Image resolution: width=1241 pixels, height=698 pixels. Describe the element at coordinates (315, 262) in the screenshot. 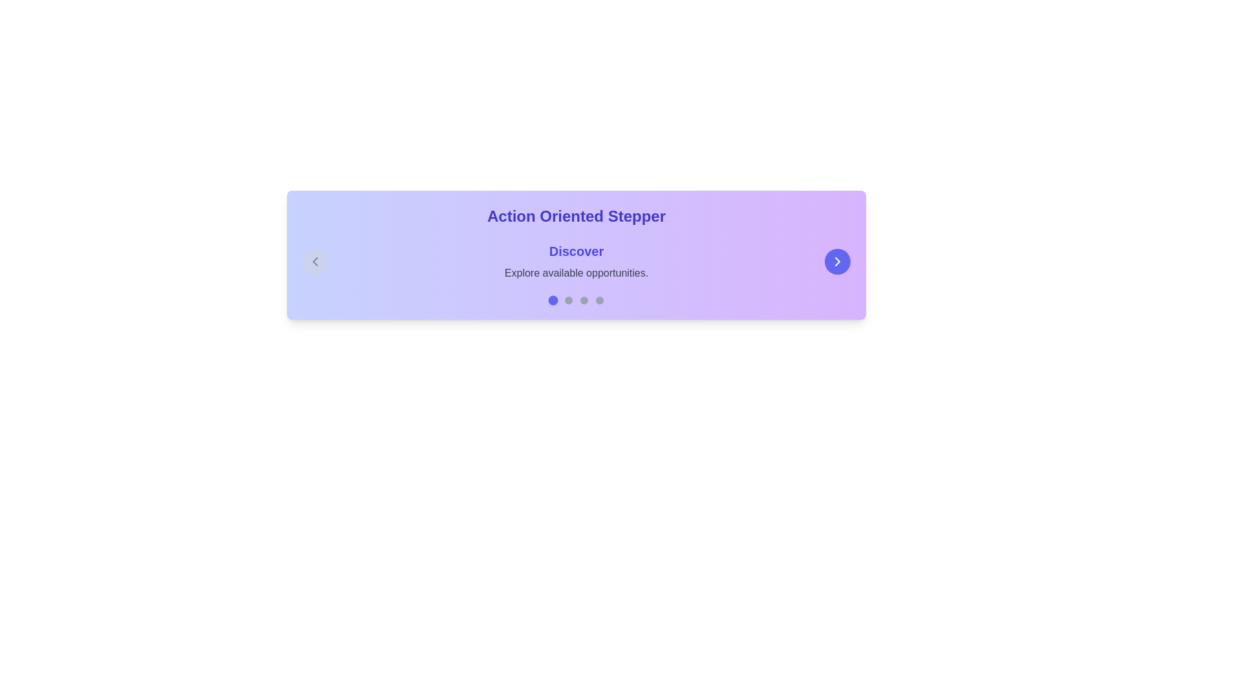

I see `the circular button with a light gray background and a left-pointing dark gray chevron` at that location.